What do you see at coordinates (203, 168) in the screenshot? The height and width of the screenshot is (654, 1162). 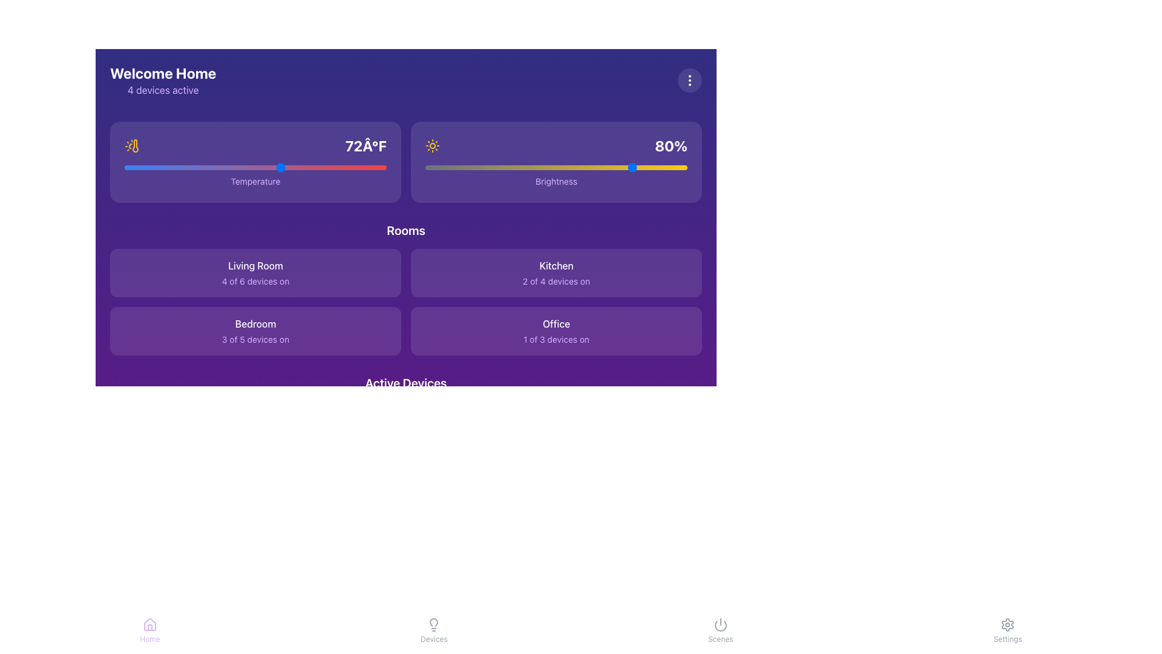 I see `the temperature` at bounding box center [203, 168].